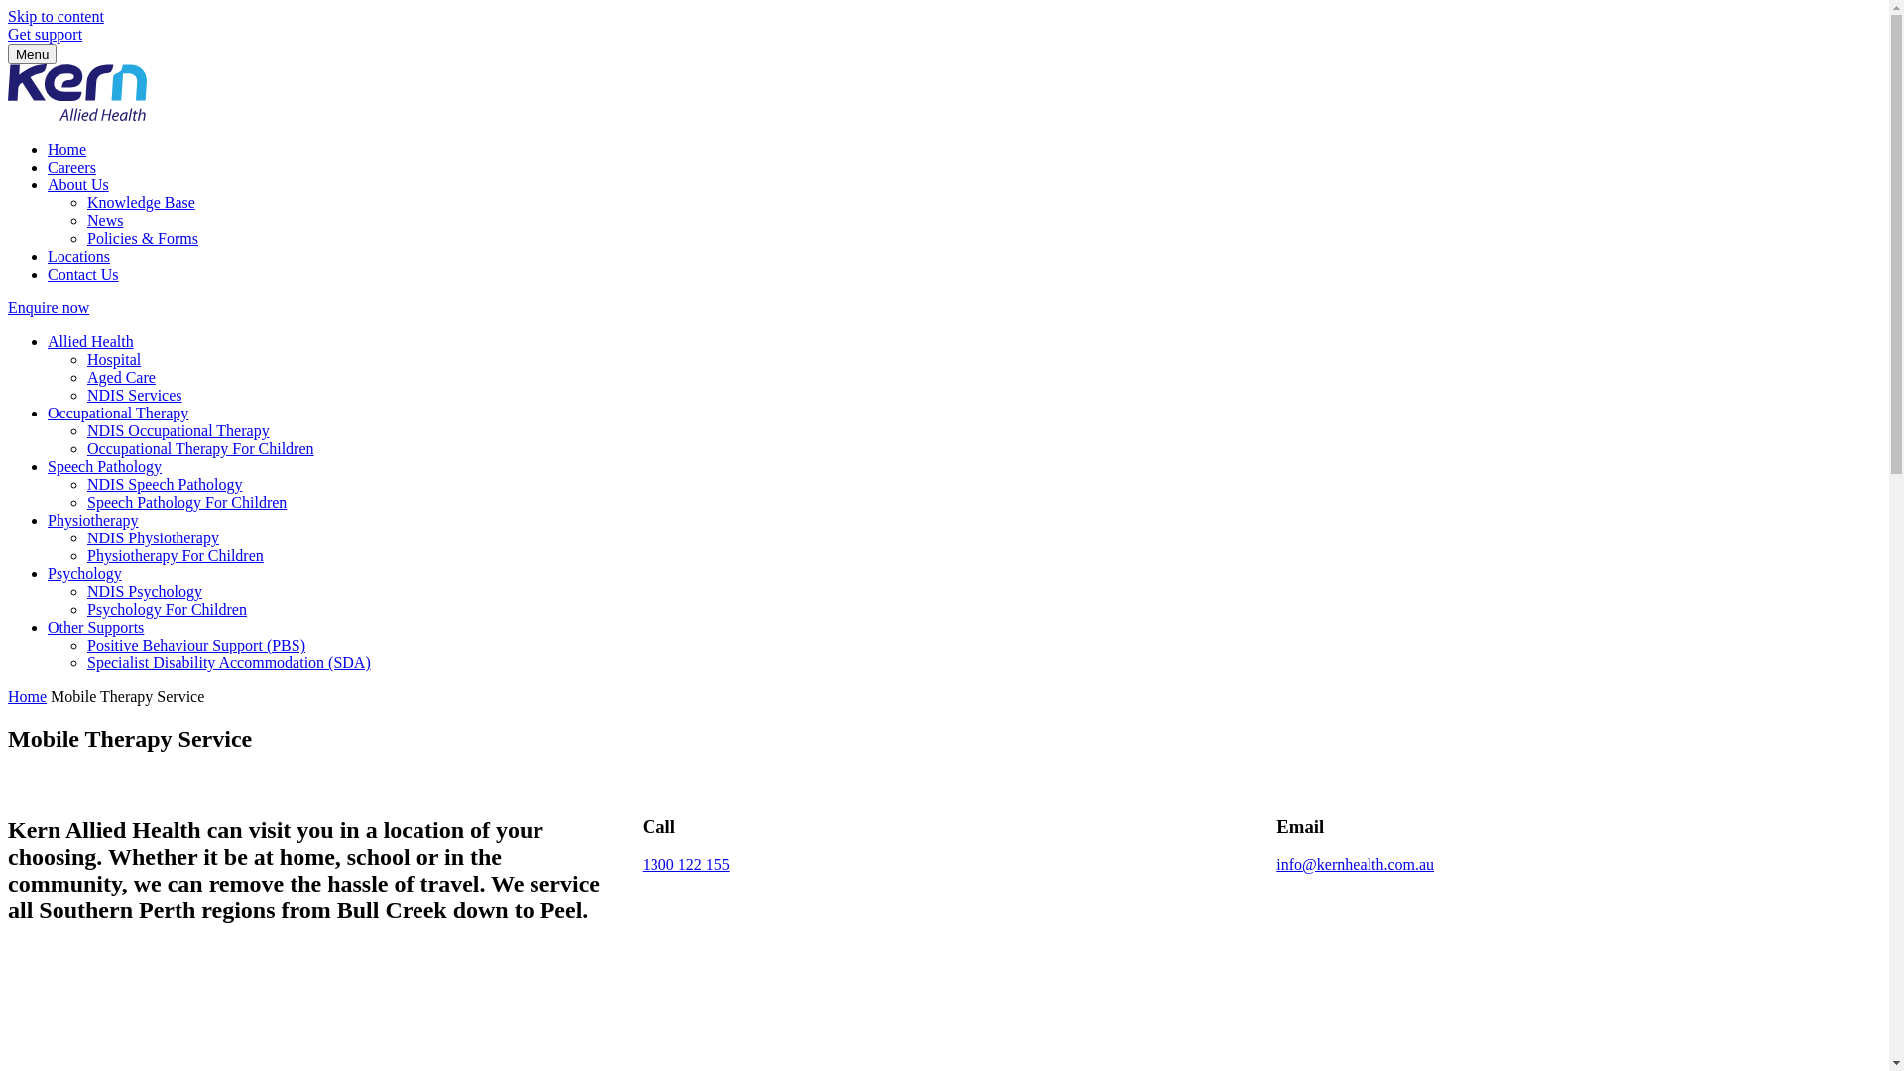 This screenshot has height=1071, width=1904. What do you see at coordinates (195, 645) in the screenshot?
I see `'Positive Behaviour Support (PBS)'` at bounding box center [195, 645].